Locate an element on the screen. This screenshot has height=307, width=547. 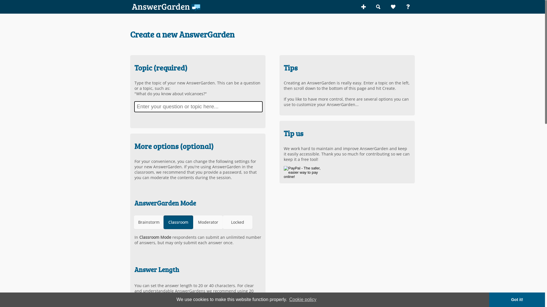
'Create an AnswerGarden' is located at coordinates (363, 7).